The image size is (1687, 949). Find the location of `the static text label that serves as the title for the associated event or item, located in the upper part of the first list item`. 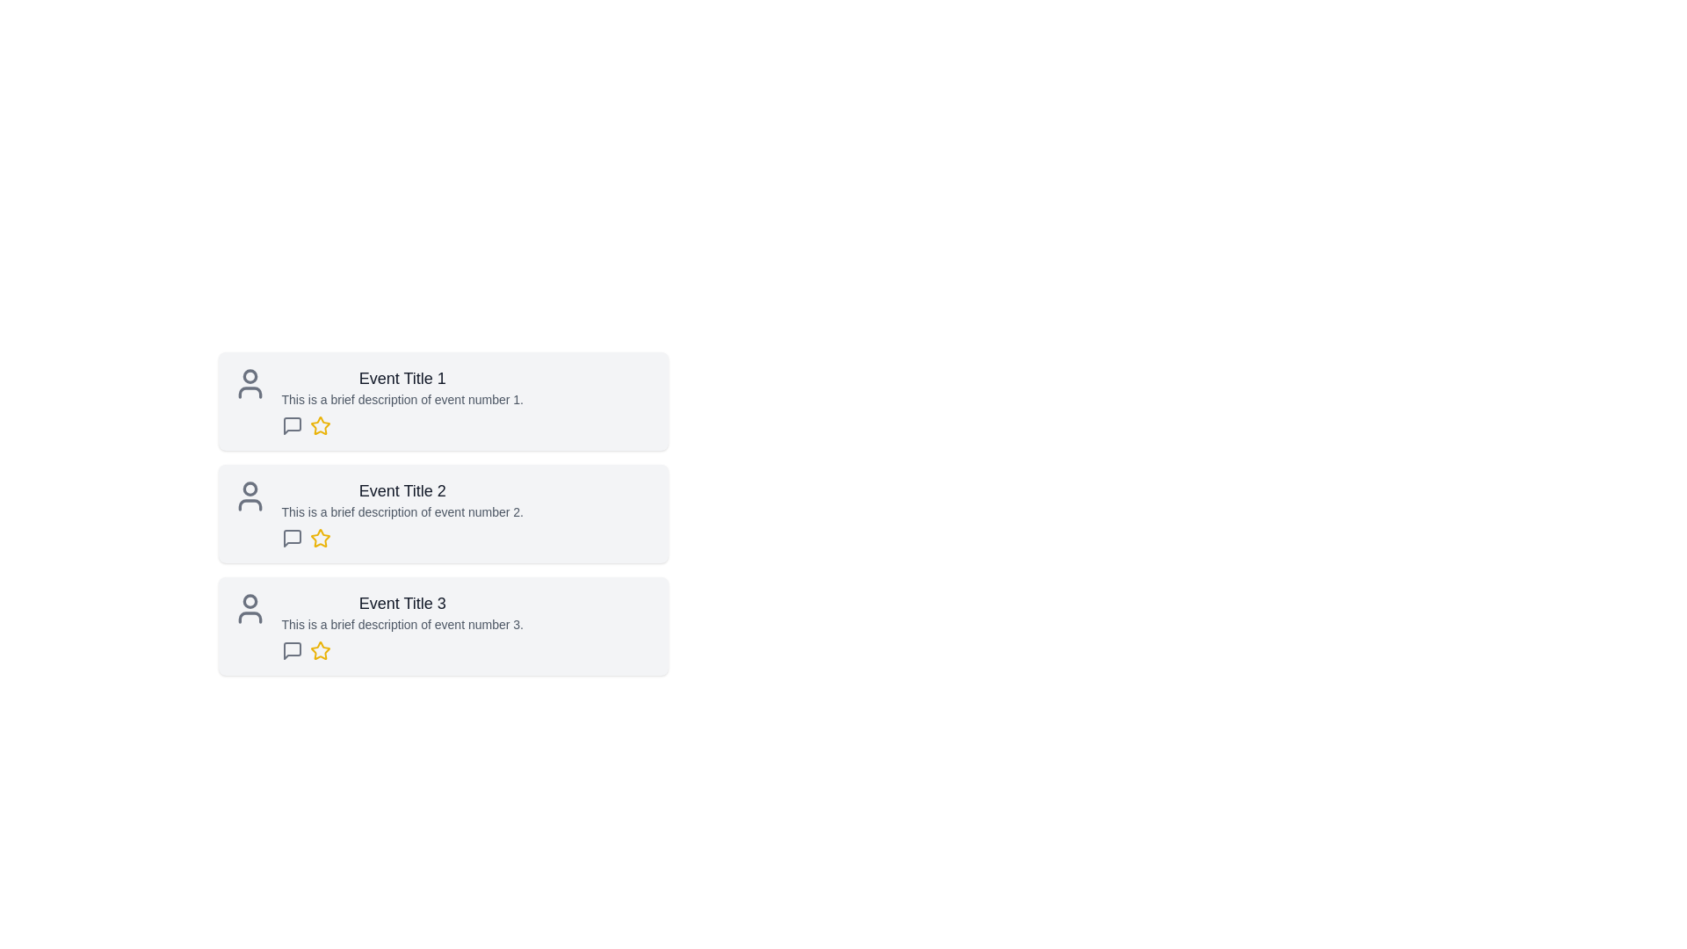

the static text label that serves as the title for the associated event or item, located in the upper part of the first list item is located at coordinates (402, 378).